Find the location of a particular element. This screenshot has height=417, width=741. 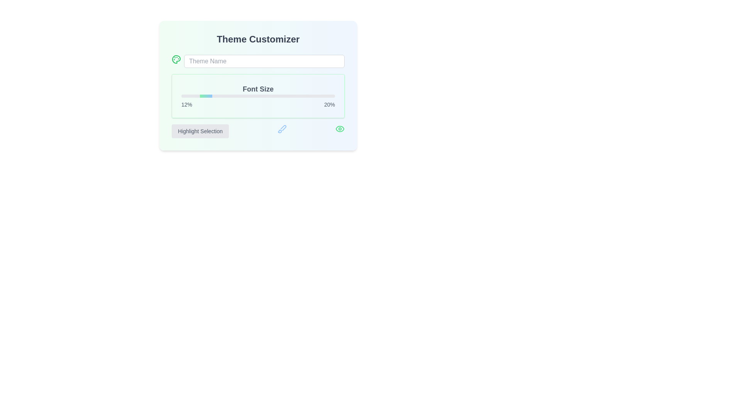

the text label displaying the range of values for the slider in the 'Font Size' section, which shows '12%' and '20%' is located at coordinates (258, 104).